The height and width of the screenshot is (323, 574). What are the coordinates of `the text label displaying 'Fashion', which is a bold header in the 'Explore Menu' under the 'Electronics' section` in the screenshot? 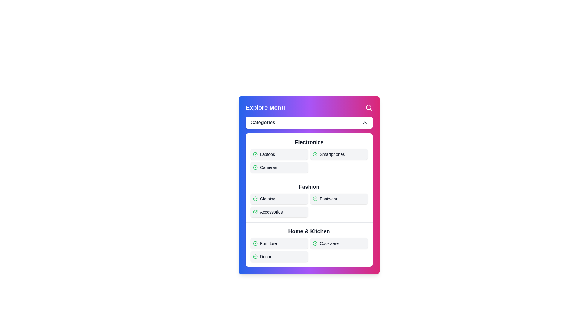 It's located at (309, 186).